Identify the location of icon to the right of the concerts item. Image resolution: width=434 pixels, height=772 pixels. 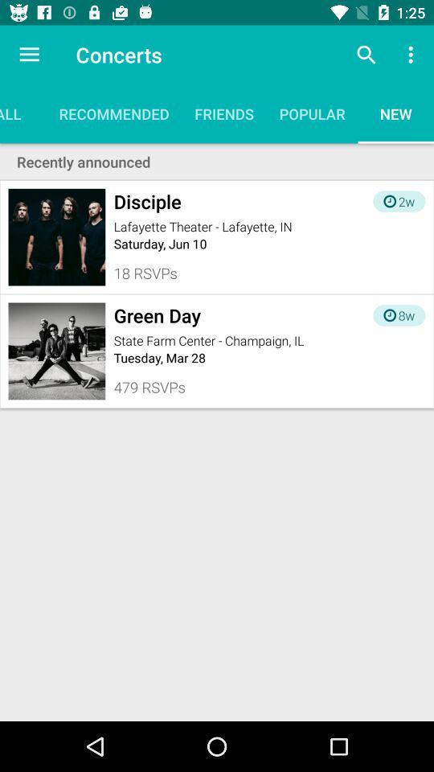
(366, 55).